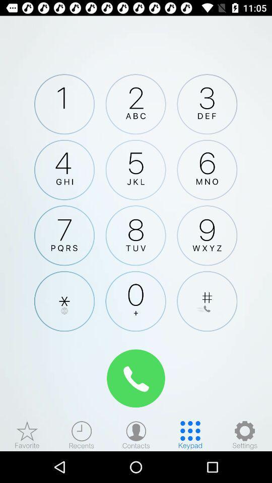 The width and height of the screenshot is (272, 483). What do you see at coordinates (207, 104) in the screenshot?
I see `choose number 3` at bounding box center [207, 104].